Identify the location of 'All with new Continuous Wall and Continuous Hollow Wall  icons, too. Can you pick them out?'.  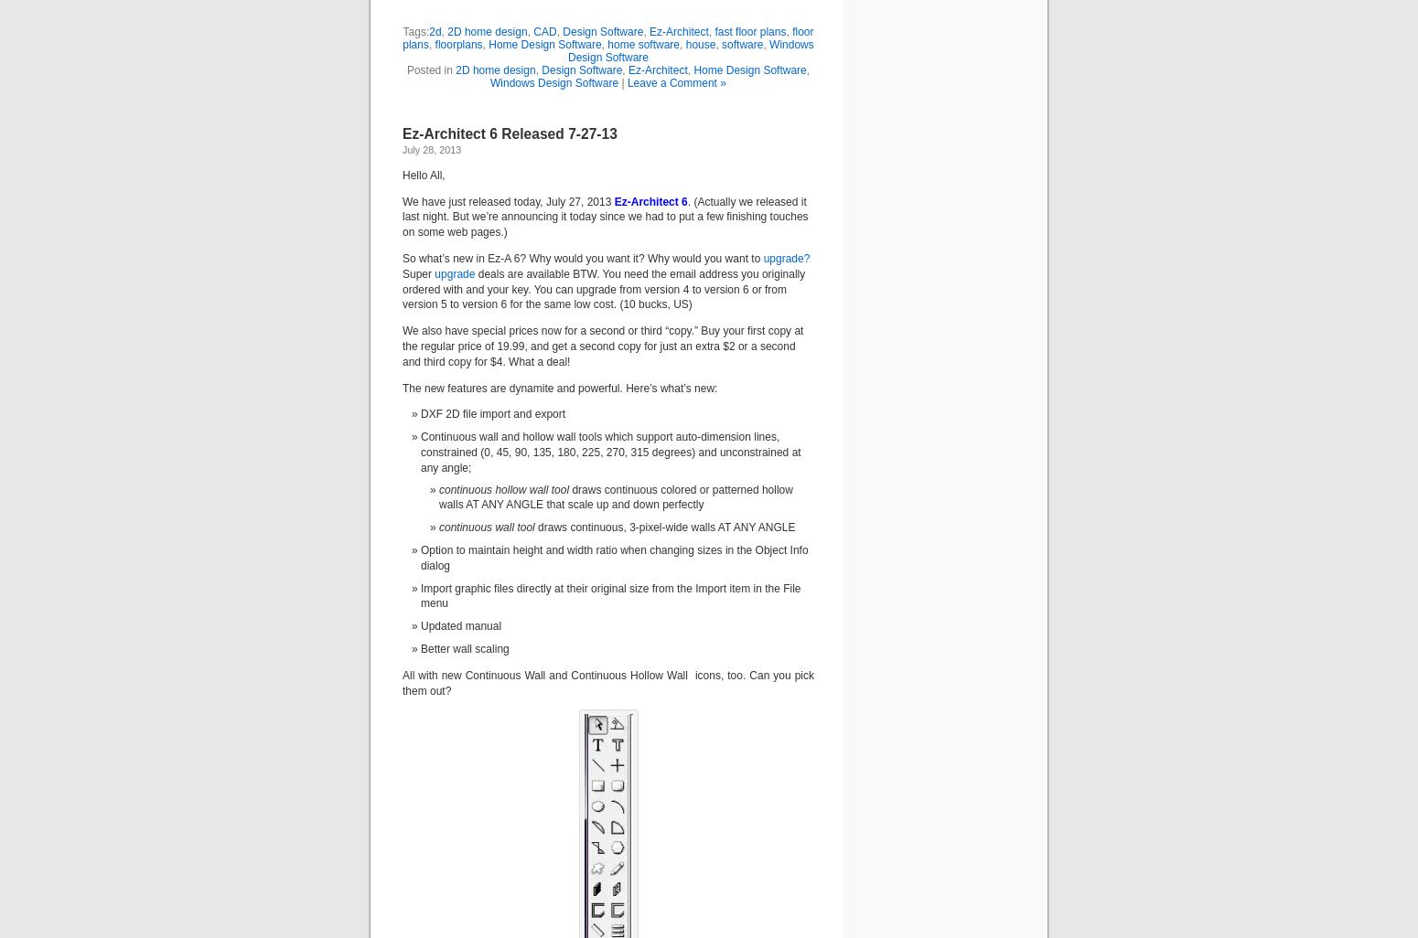
(403, 682).